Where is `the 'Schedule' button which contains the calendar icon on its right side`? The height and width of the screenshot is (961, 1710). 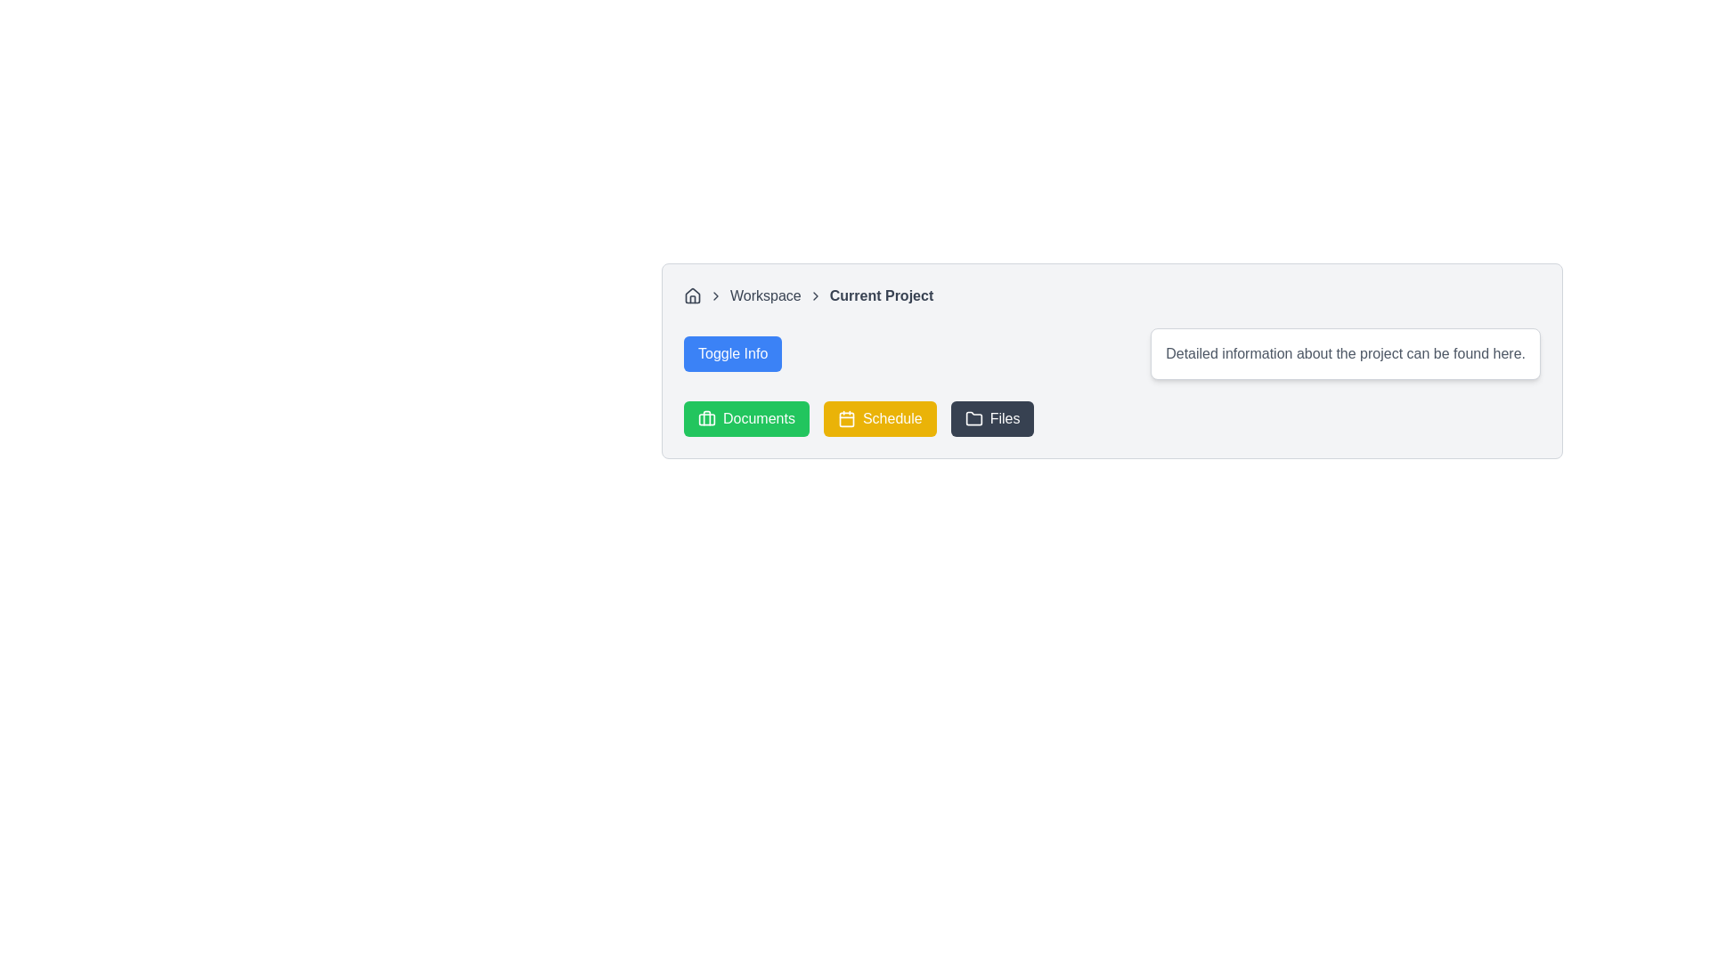
the 'Schedule' button which contains the calendar icon on its right side is located at coordinates (845, 418).